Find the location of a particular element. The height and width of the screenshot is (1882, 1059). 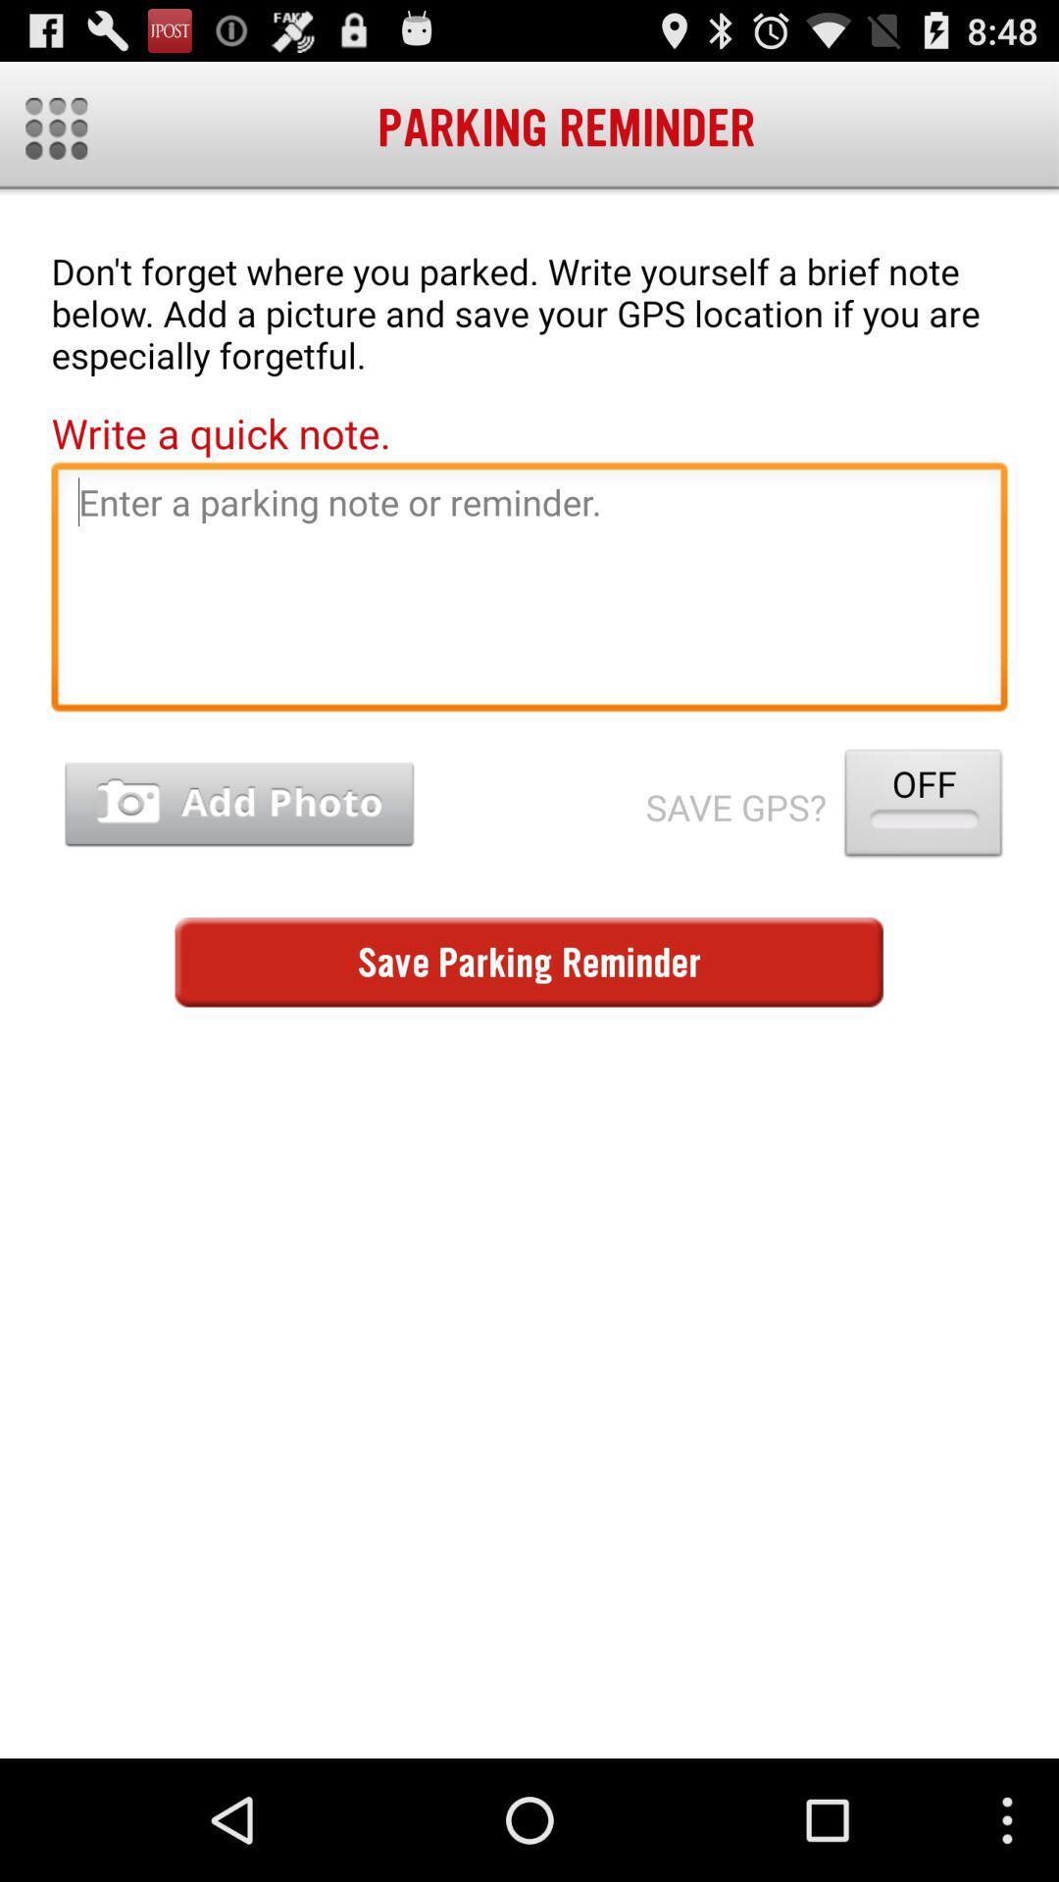

button above the save parking reminder is located at coordinates (238, 805).